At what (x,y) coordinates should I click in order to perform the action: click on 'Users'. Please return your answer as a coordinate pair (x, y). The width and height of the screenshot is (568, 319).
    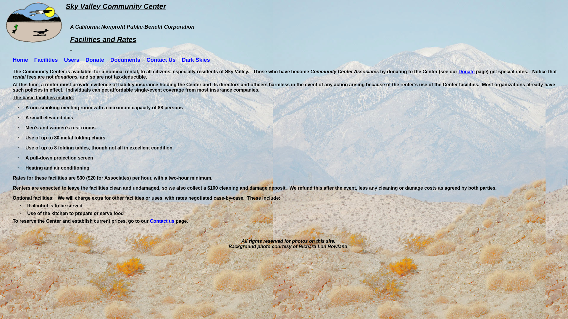
    Looking at the image, I should click on (71, 60).